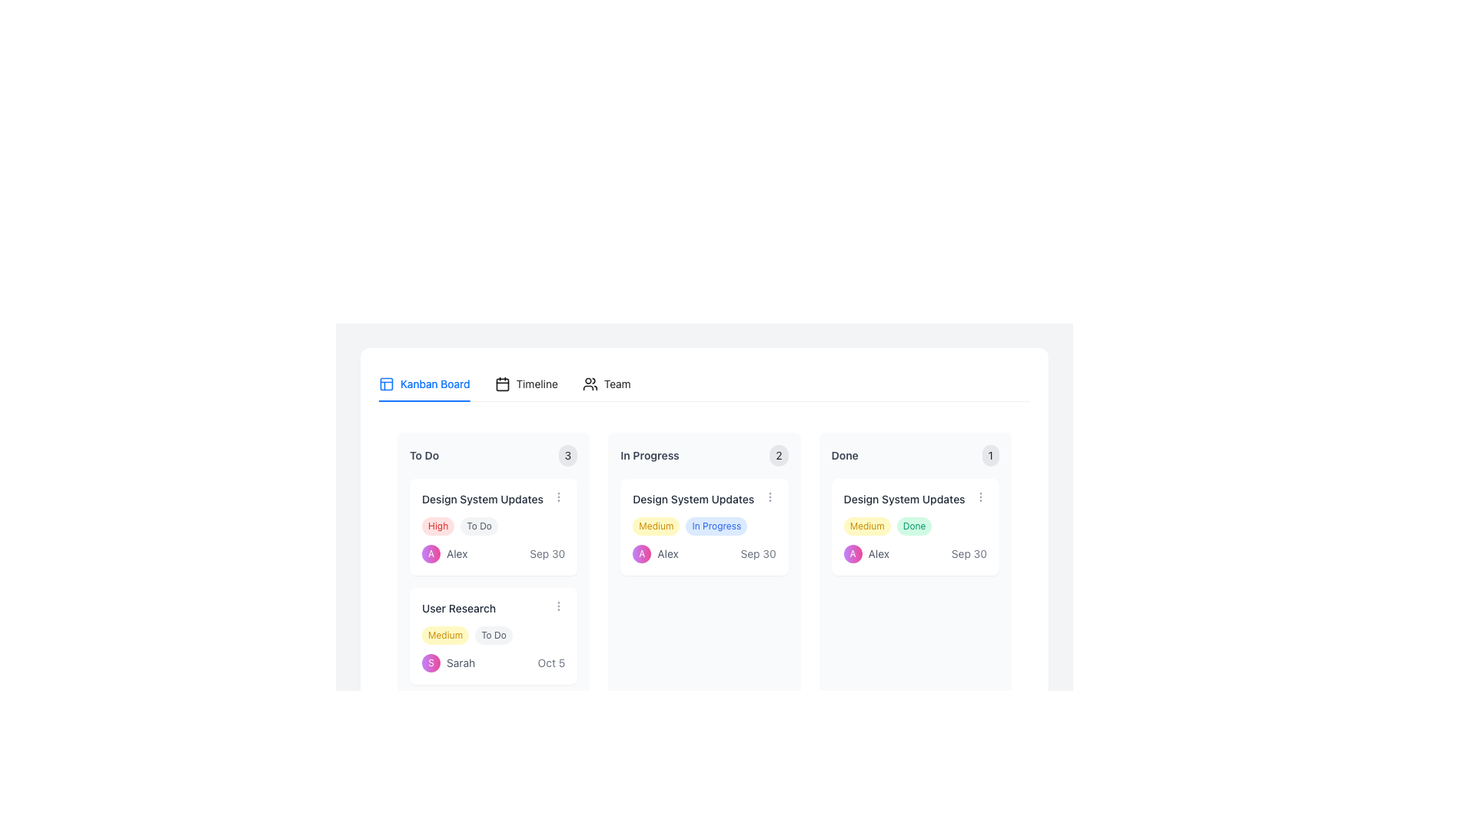 This screenshot has height=830, width=1476. I want to click on the static text label displaying 'Oct 5', which is styled in gray and located to the extreme right of the task attributed to 'Sarah', so click(551, 662).